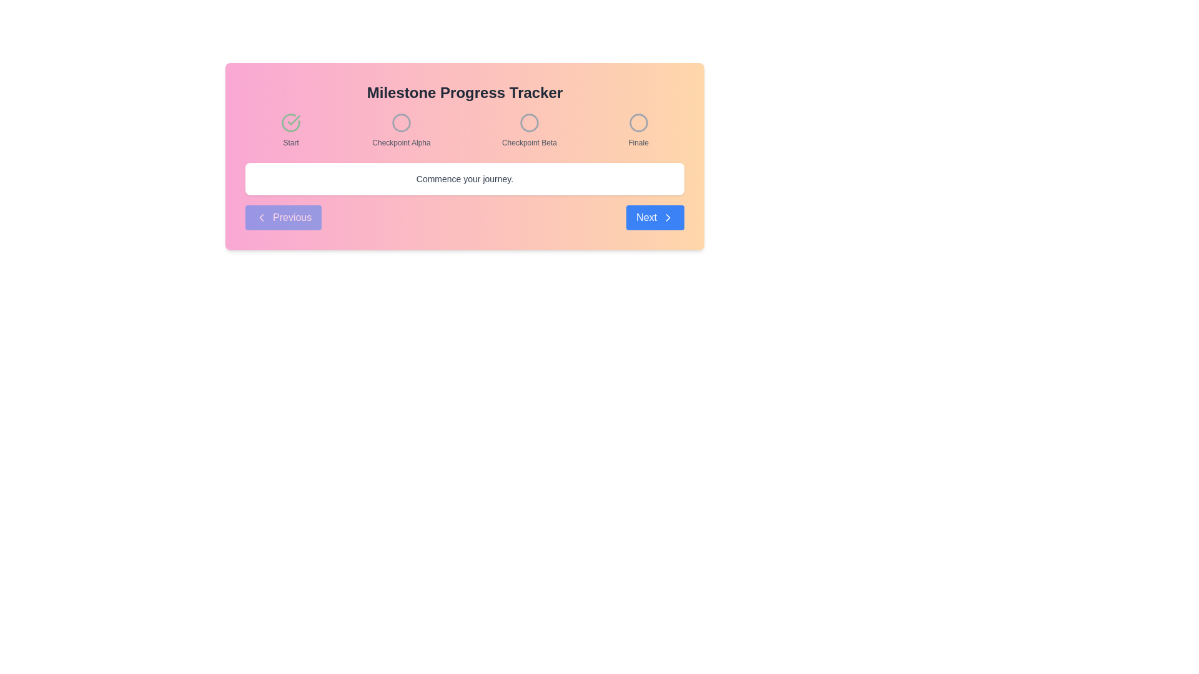  I want to click on the circular Progress tracker milestone icon labeled 'Checkpoint Alpha' in the 'Milestone Progress Tracker' layout, positioned centrally beneath the text 'Milestone Progress Tracker', so click(402, 122).